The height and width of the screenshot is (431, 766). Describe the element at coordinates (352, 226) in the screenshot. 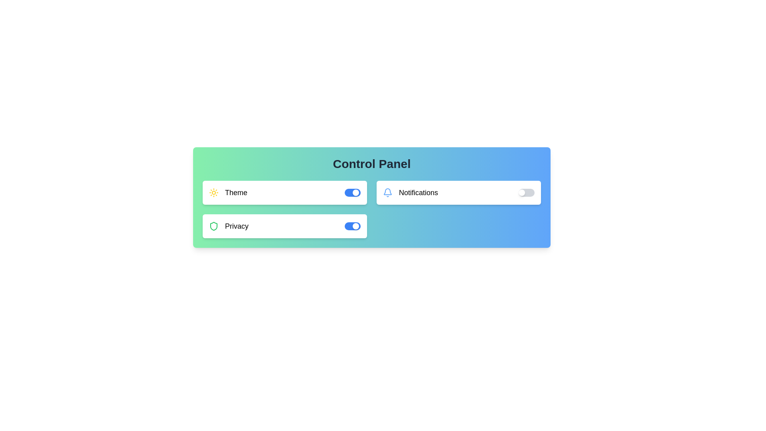

I see `the Privacy switch to toggle its state` at that location.